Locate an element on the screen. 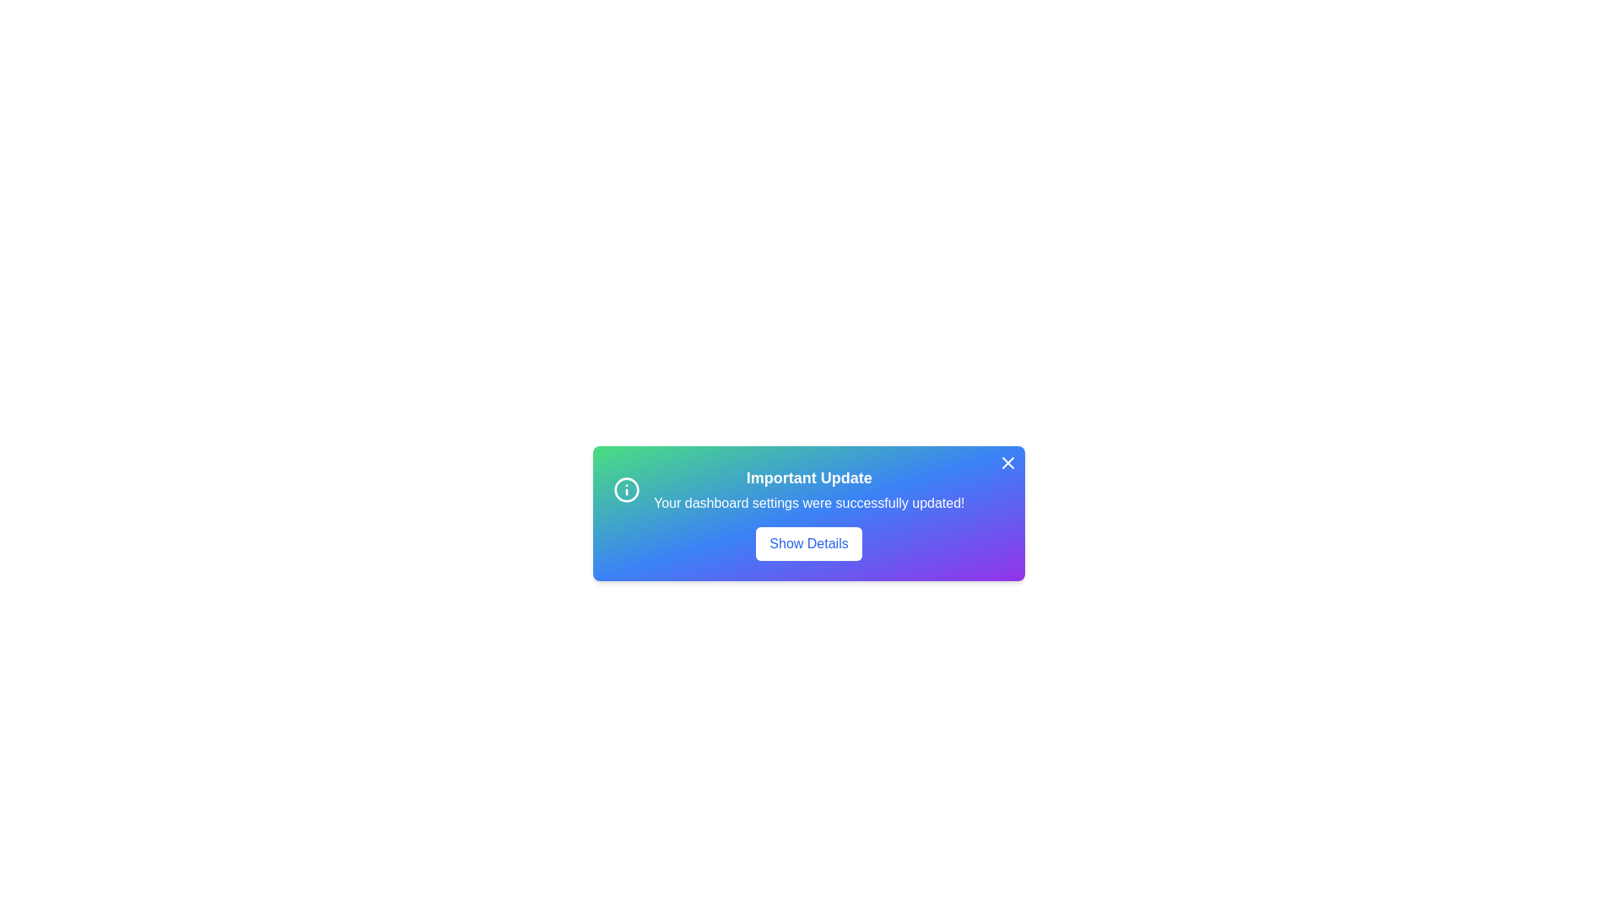 This screenshot has height=911, width=1620. the close button to hide the notification is located at coordinates (1008, 462).